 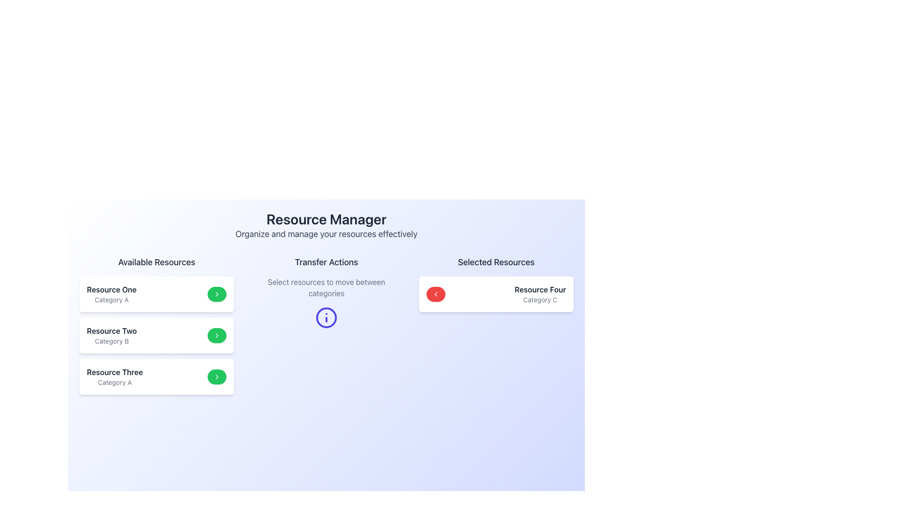 What do you see at coordinates (435, 294) in the screenshot?
I see `the button to deselect 'Resource Four' from the 'Selected Resources' list, located in the top-left corner of the card labeled 'Resource Four'` at bounding box center [435, 294].